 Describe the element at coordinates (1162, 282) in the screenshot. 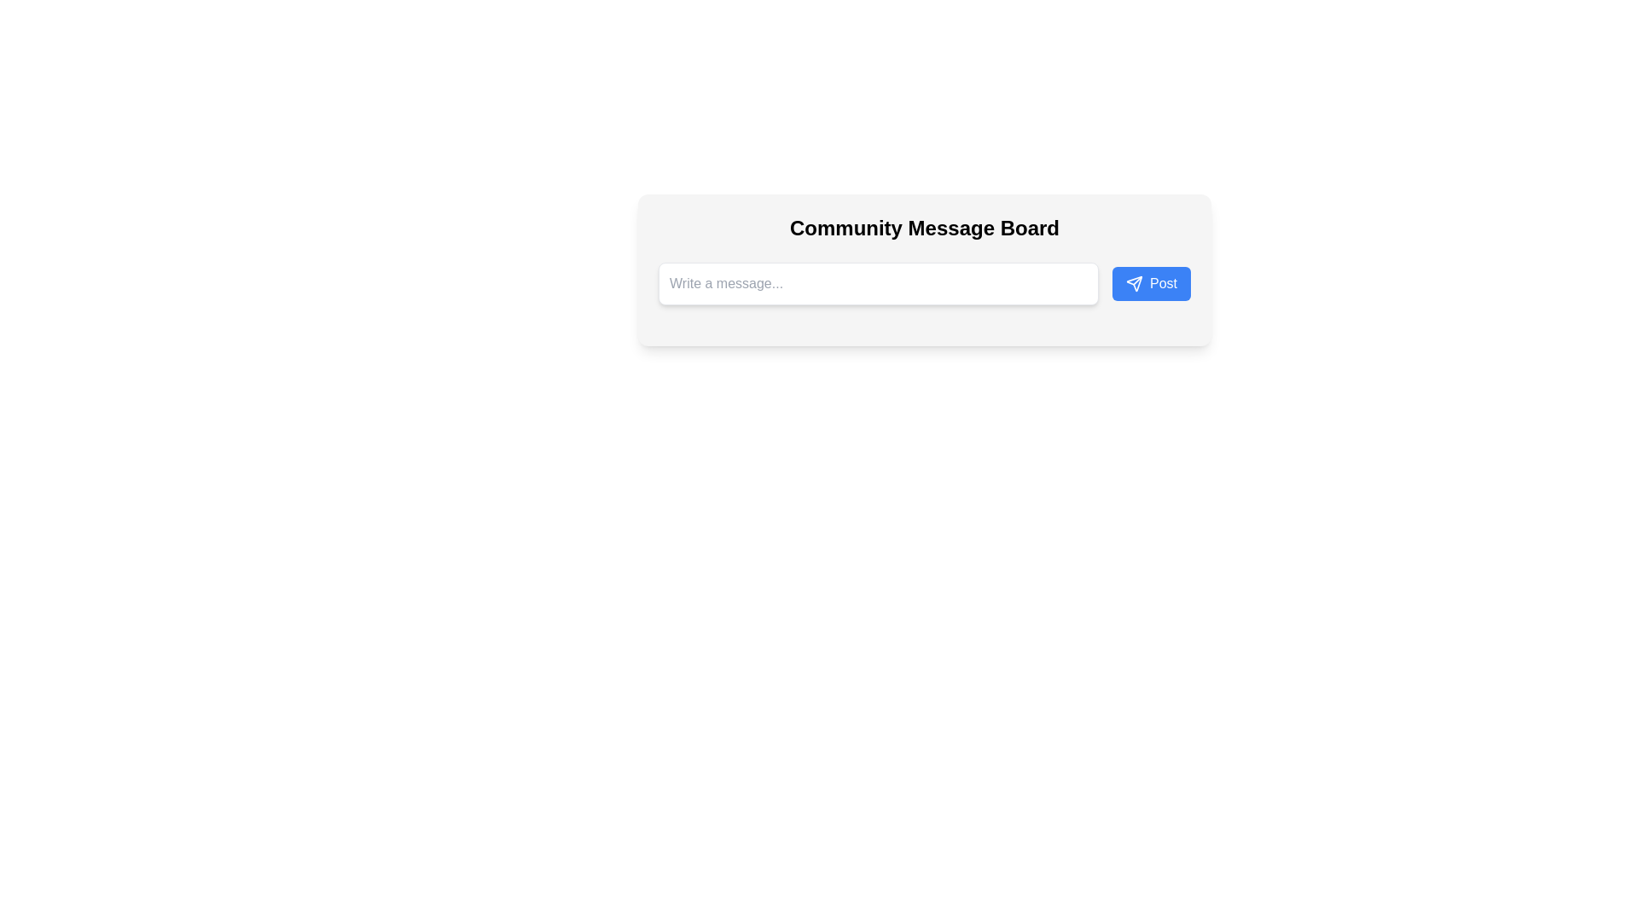

I see `the submit button containing the text label to trigger the message submission action` at that location.